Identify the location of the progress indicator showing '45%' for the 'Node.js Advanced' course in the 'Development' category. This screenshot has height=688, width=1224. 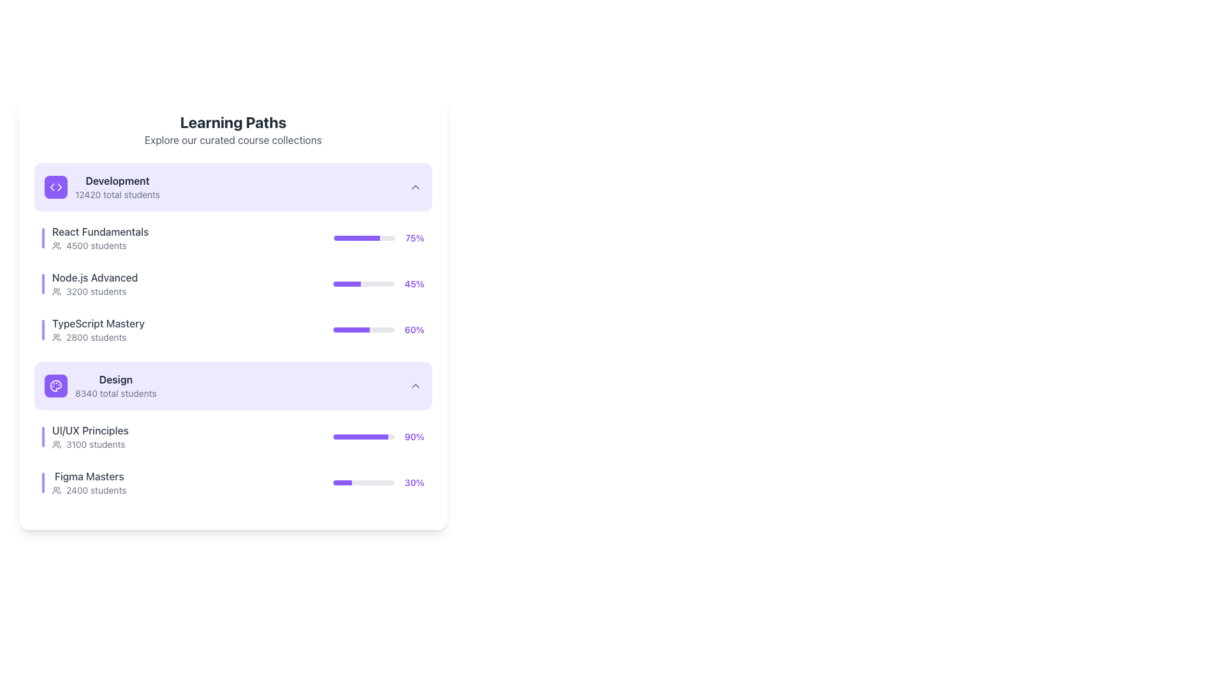
(378, 283).